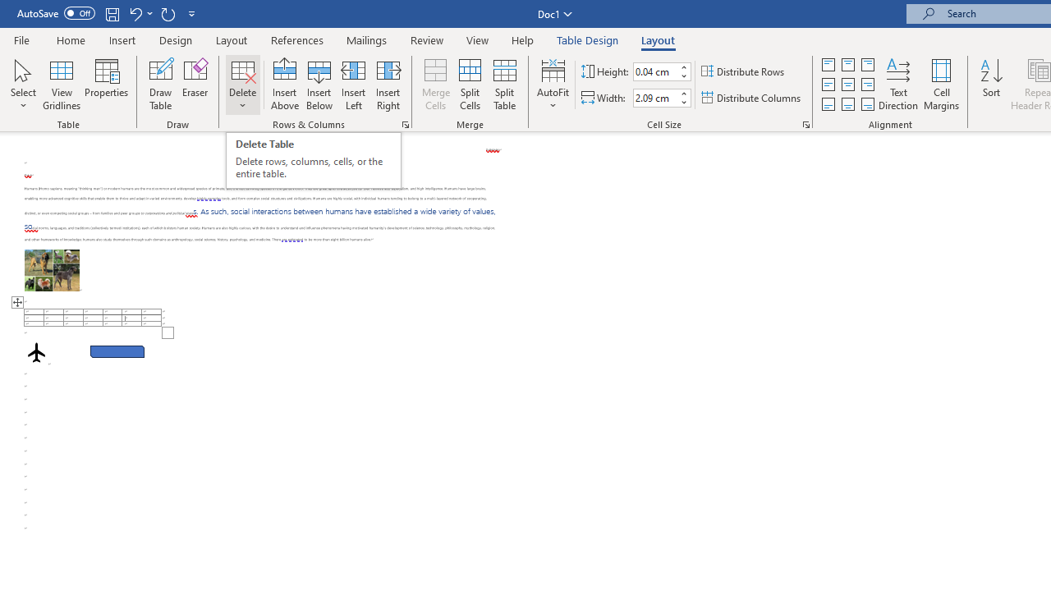 This screenshot has width=1051, height=591. What do you see at coordinates (52, 269) in the screenshot?
I see `'Morphological variation in six dogs'` at bounding box center [52, 269].